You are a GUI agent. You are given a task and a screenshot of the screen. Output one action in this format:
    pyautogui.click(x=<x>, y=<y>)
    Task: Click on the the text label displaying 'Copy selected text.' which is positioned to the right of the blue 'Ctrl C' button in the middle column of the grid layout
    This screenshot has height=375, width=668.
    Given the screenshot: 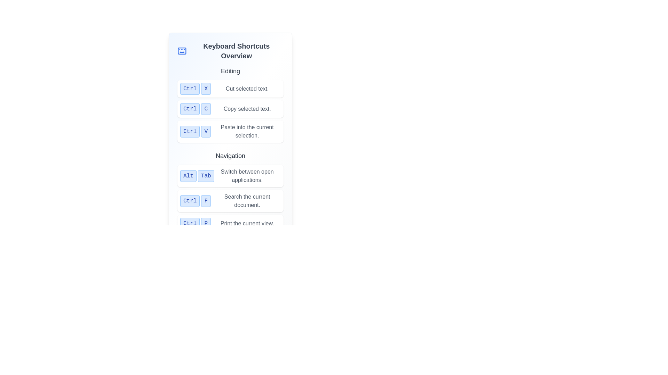 What is the action you would take?
    pyautogui.click(x=247, y=109)
    